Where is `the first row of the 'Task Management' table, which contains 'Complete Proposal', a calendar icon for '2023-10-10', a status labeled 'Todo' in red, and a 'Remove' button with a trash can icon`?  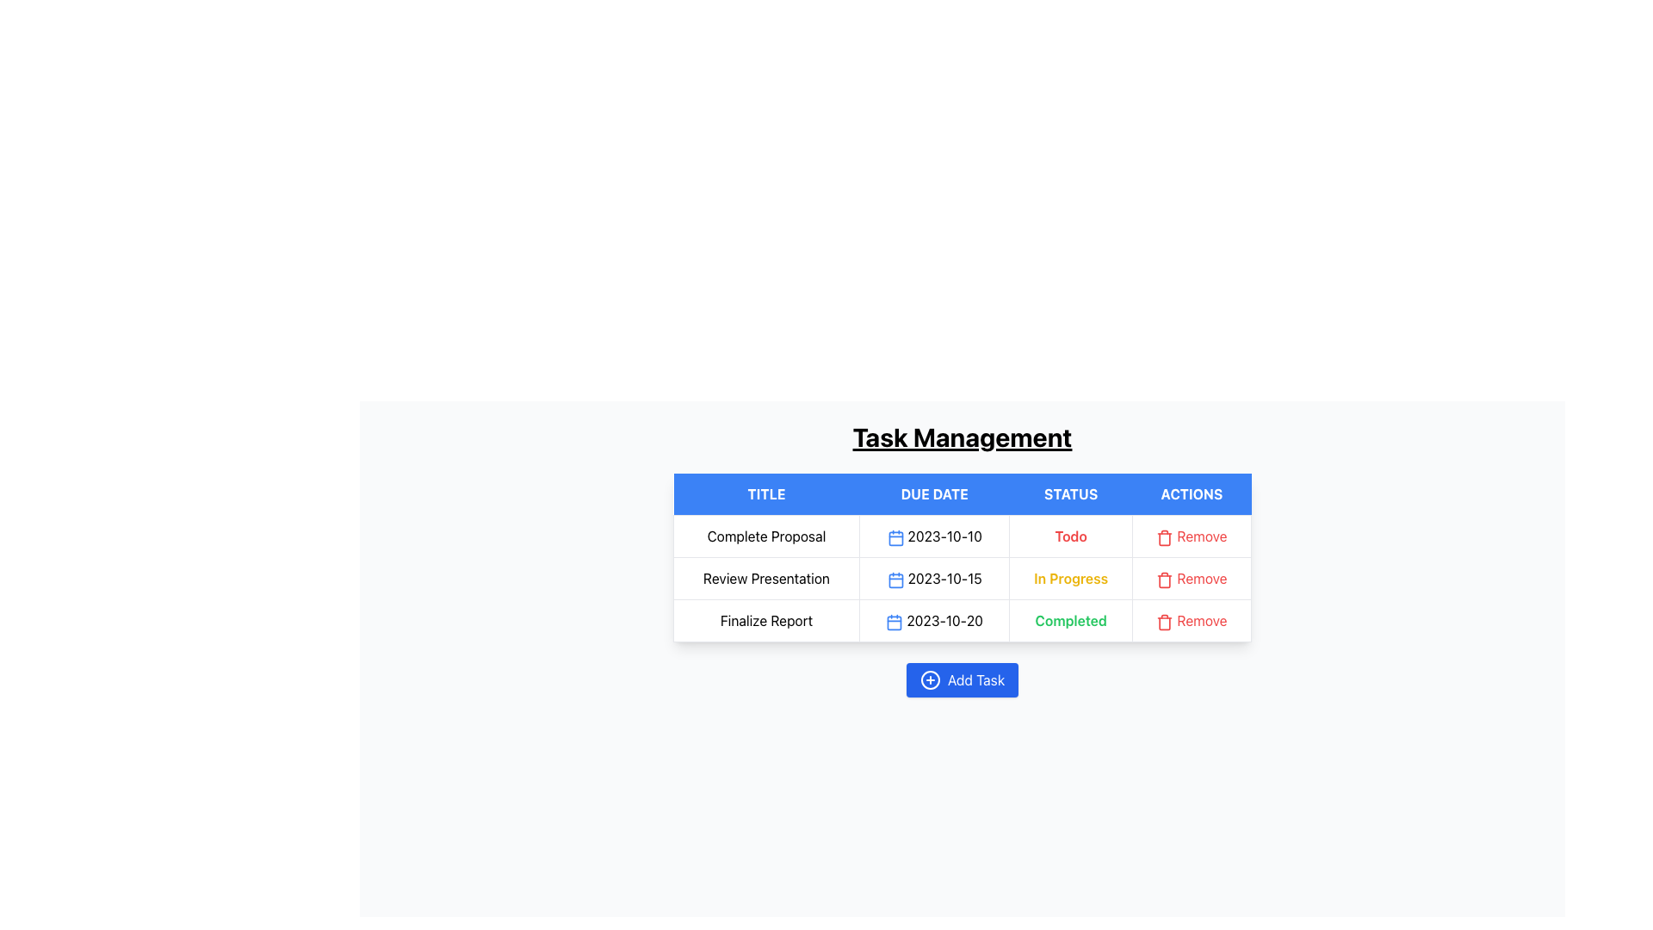 the first row of the 'Task Management' table, which contains 'Complete Proposal', a calendar icon for '2023-10-10', a status labeled 'Todo' in red, and a 'Remove' button with a trash can icon is located at coordinates (962, 536).